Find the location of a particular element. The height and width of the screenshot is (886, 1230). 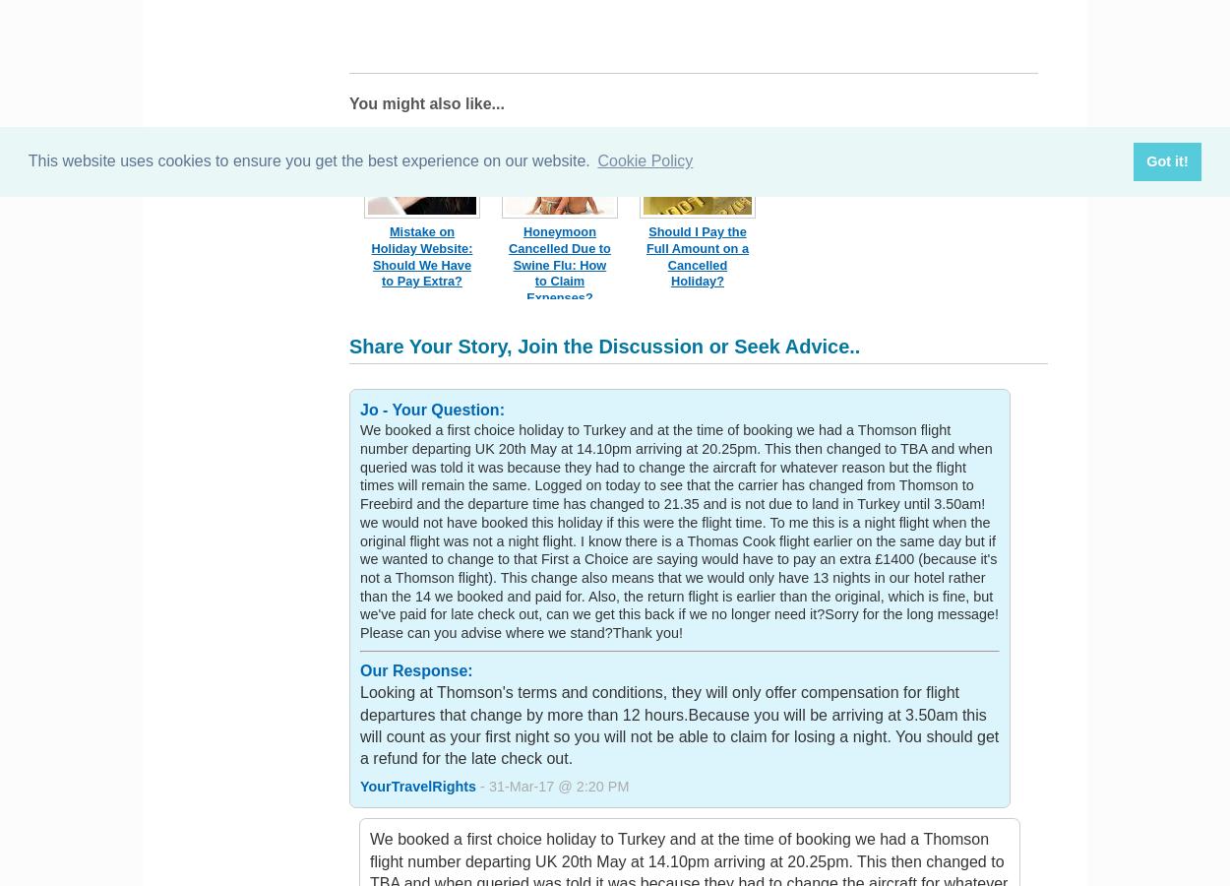

'Honeymoon Cancelled Due to Swine Flu: How to Claim Expenses?' is located at coordinates (558, 263).